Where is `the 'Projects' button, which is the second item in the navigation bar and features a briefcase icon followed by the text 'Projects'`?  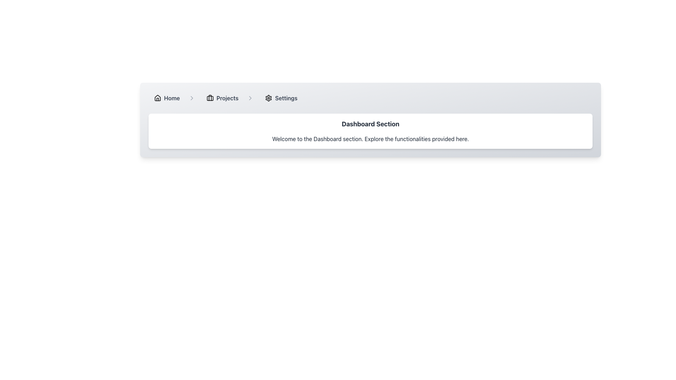 the 'Projects' button, which is the second item in the navigation bar and features a briefcase icon followed by the text 'Projects' is located at coordinates (222, 98).